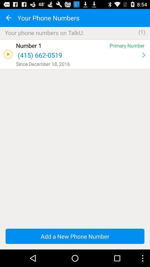 The image size is (150, 267). What do you see at coordinates (143, 55) in the screenshot?
I see `app below the primary number icon` at bounding box center [143, 55].